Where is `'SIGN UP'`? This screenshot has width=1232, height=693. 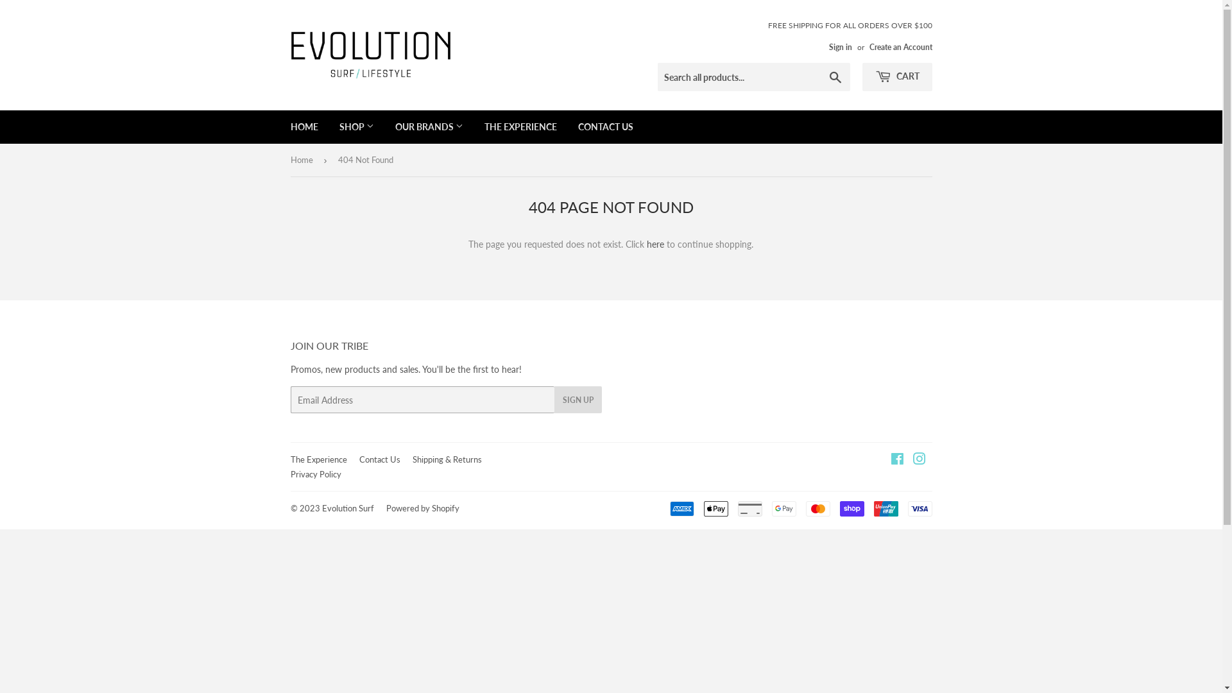 'SIGN UP' is located at coordinates (554, 399).